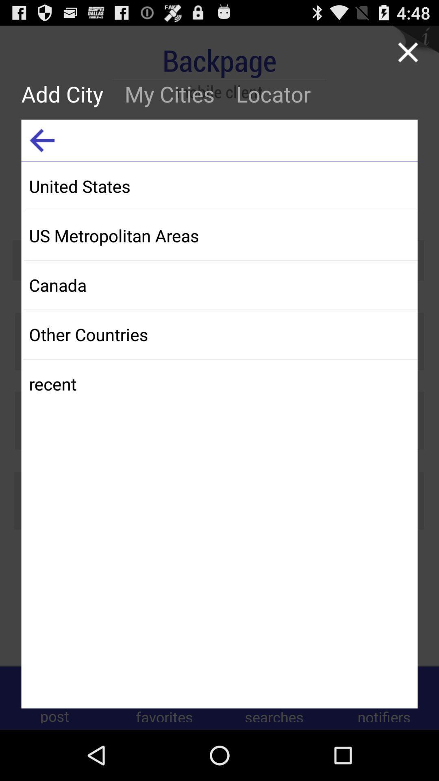 This screenshot has height=781, width=439. Describe the element at coordinates (220, 334) in the screenshot. I see `other countries app` at that location.